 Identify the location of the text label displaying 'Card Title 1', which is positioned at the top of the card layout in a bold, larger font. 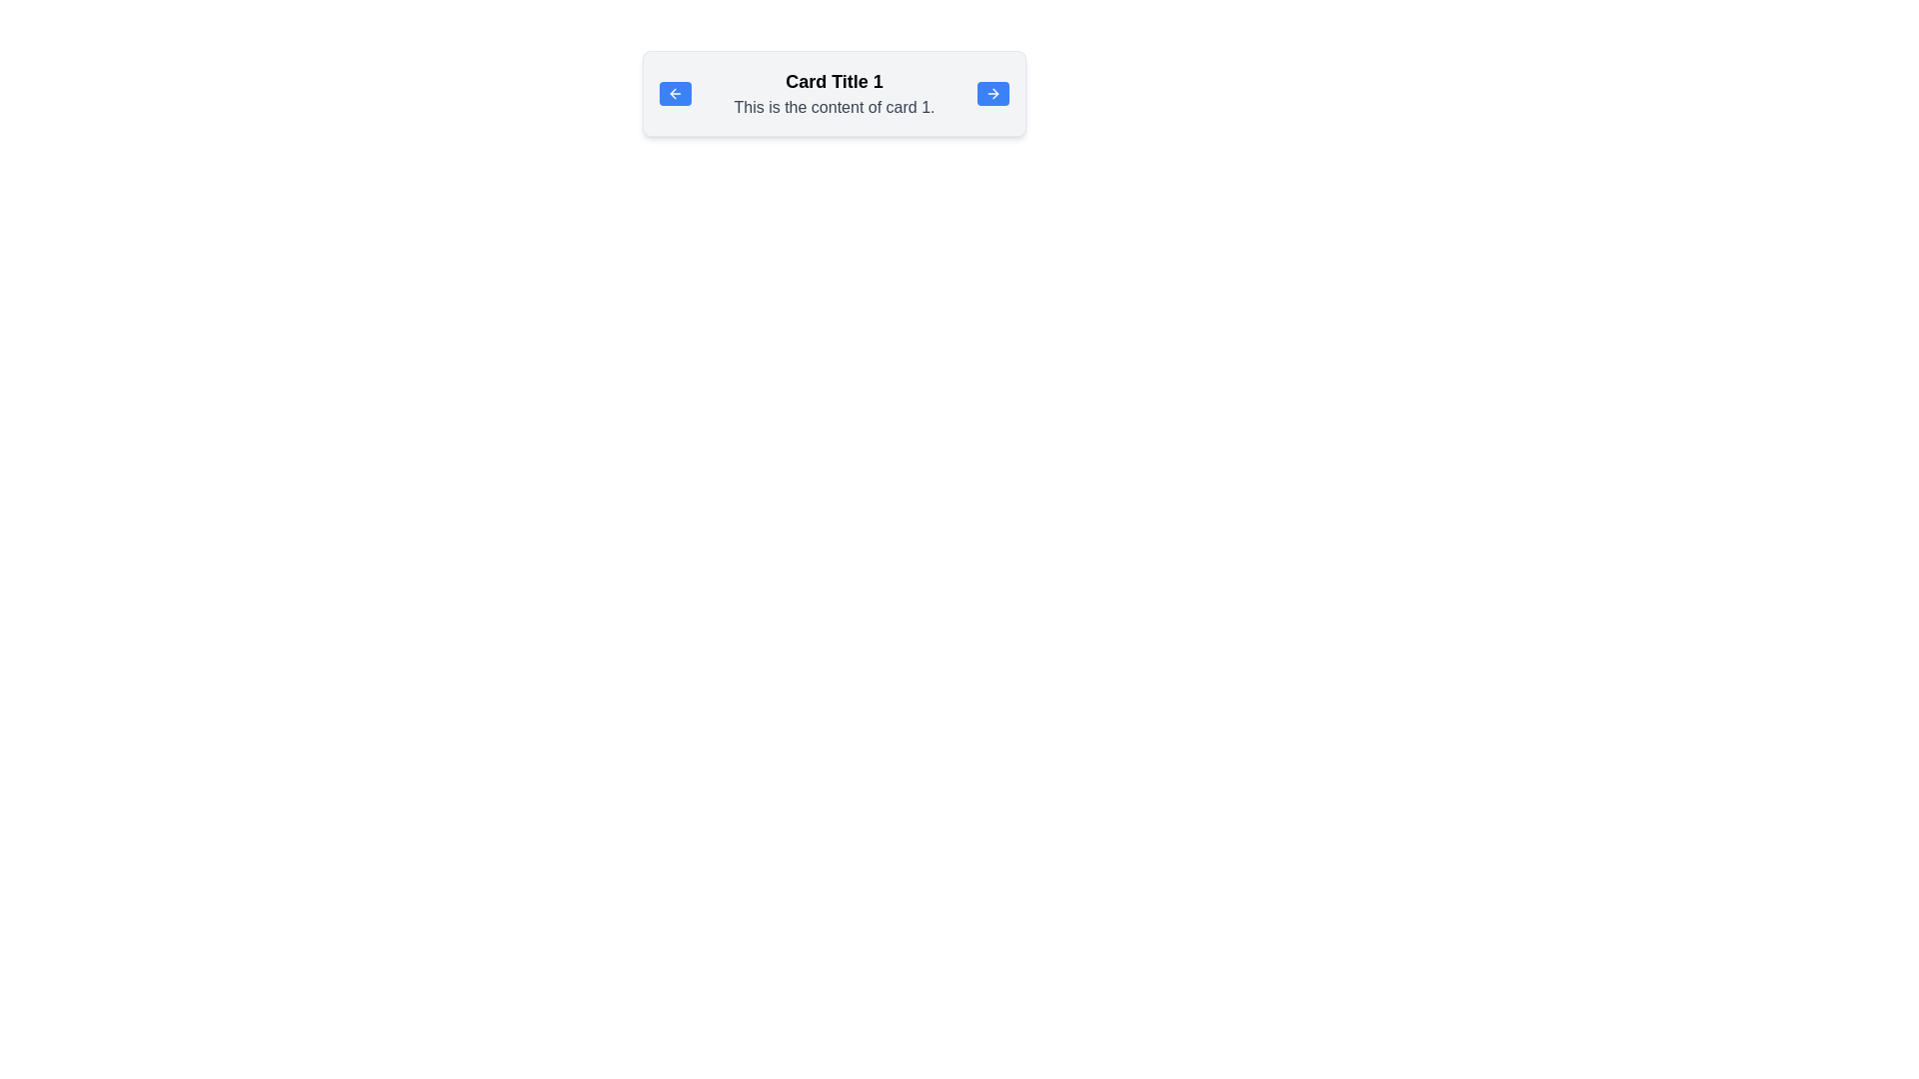
(835, 80).